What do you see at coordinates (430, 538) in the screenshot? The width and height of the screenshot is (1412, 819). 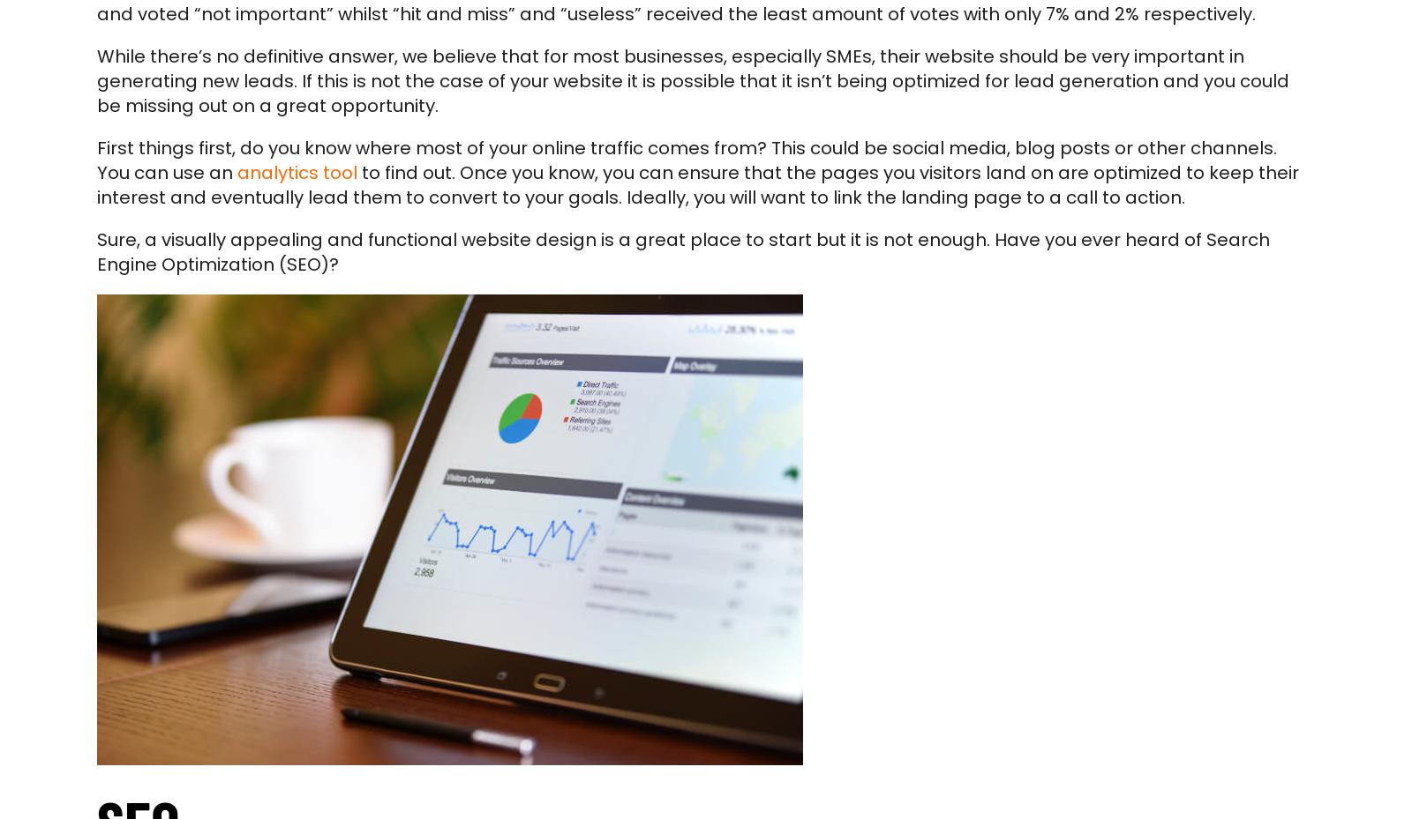 I see `'01788 288 800'` at bounding box center [430, 538].